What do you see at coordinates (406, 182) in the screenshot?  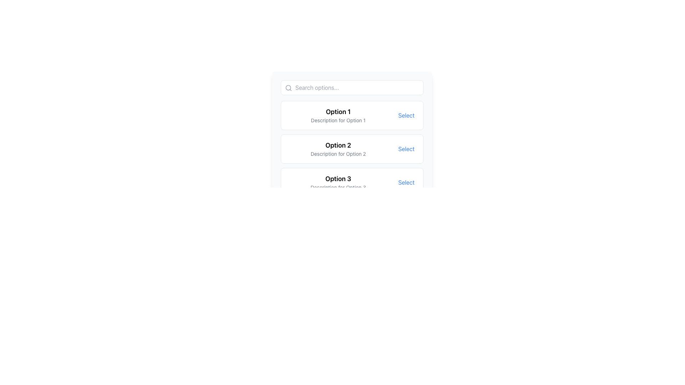 I see `the button for 'Option 3' located in the bottom-right corner of its panel to change its background color` at bounding box center [406, 182].